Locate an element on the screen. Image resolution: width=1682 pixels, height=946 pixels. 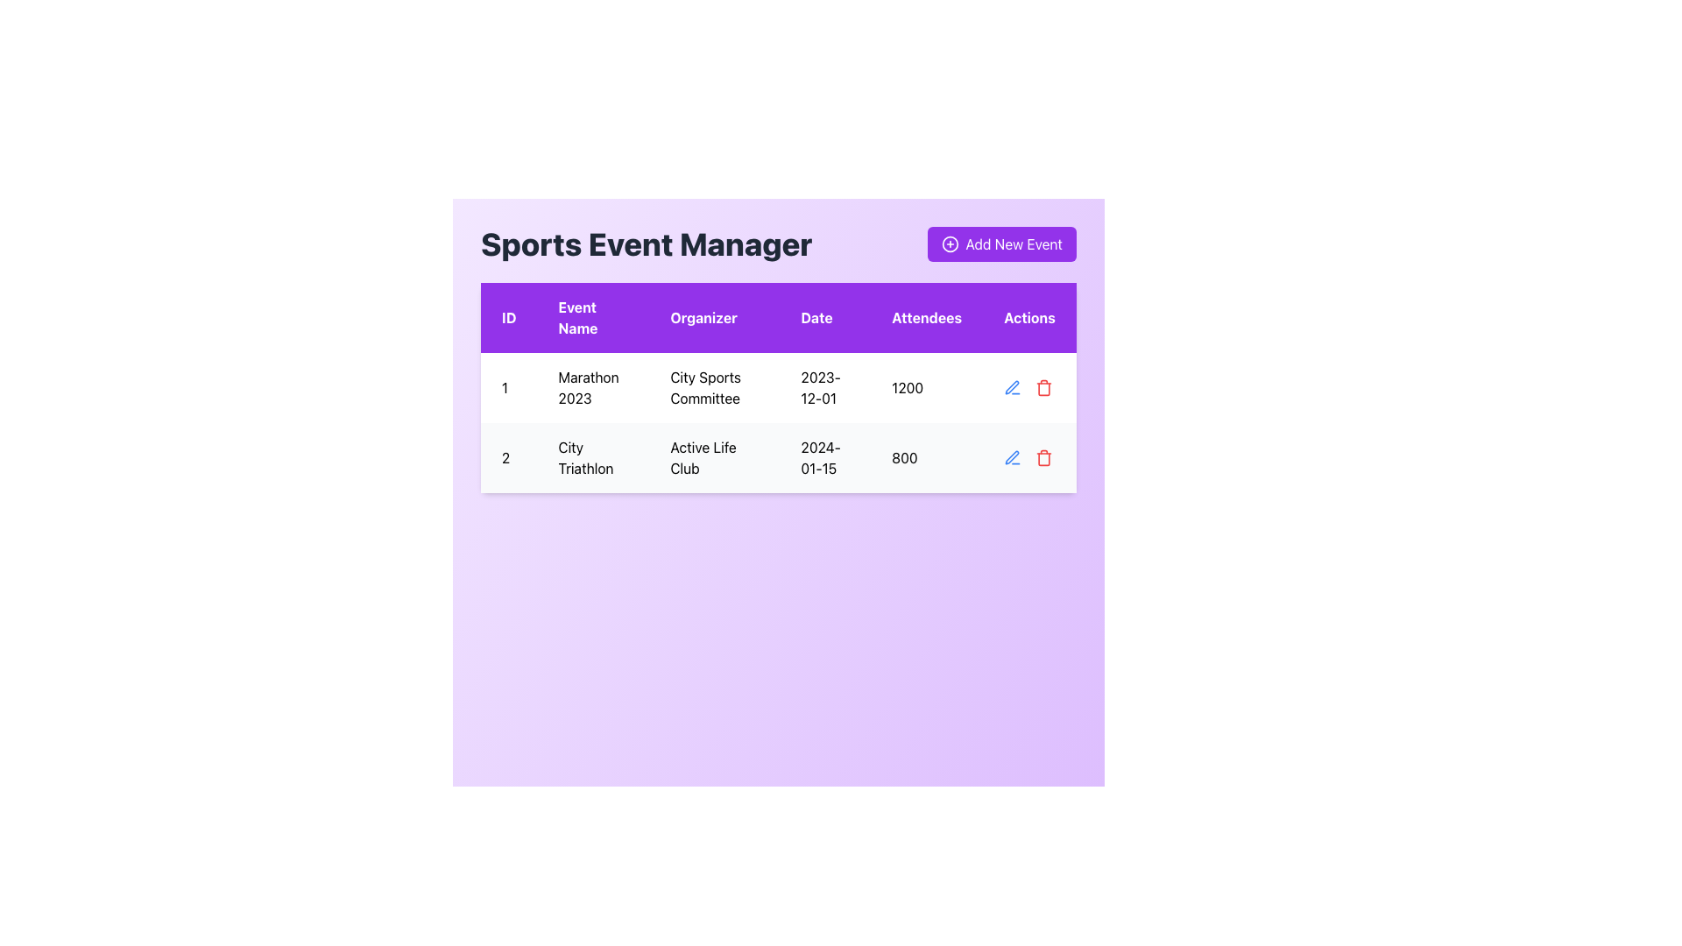
the pen icon located in the 'Actions' column of the second row of the table to initiate editing is located at coordinates (1013, 387).